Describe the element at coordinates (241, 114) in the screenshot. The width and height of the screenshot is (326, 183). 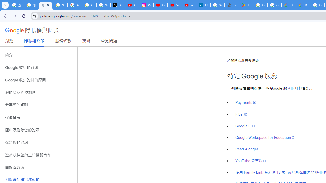
I see `'Fiber'` at that location.